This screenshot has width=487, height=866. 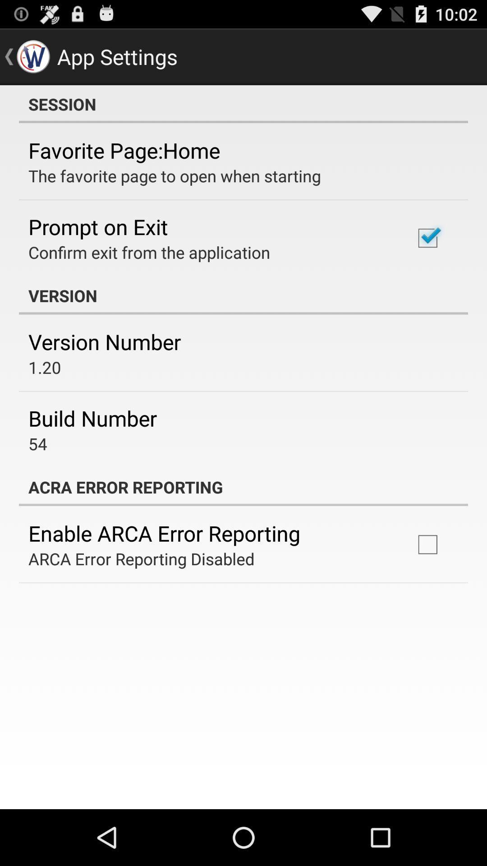 I want to click on version number app, so click(x=104, y=341).